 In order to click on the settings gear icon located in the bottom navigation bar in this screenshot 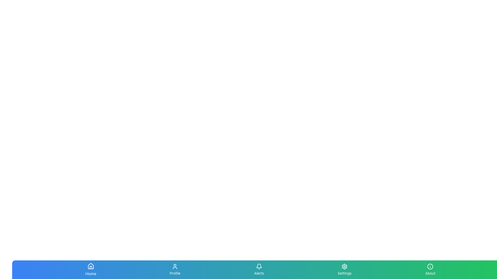, I will do `click(344, 267)`.